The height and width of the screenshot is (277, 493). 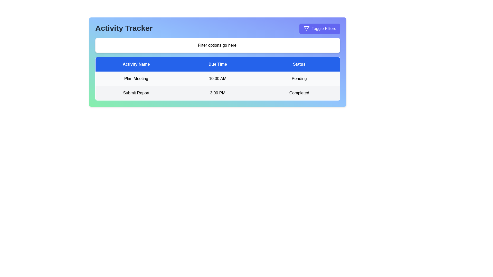 I want to click on the text label displaying 'Completed' in the third column of the second row of the table, which has a light gray background and is styled minimally, so click(x=299, y=93).